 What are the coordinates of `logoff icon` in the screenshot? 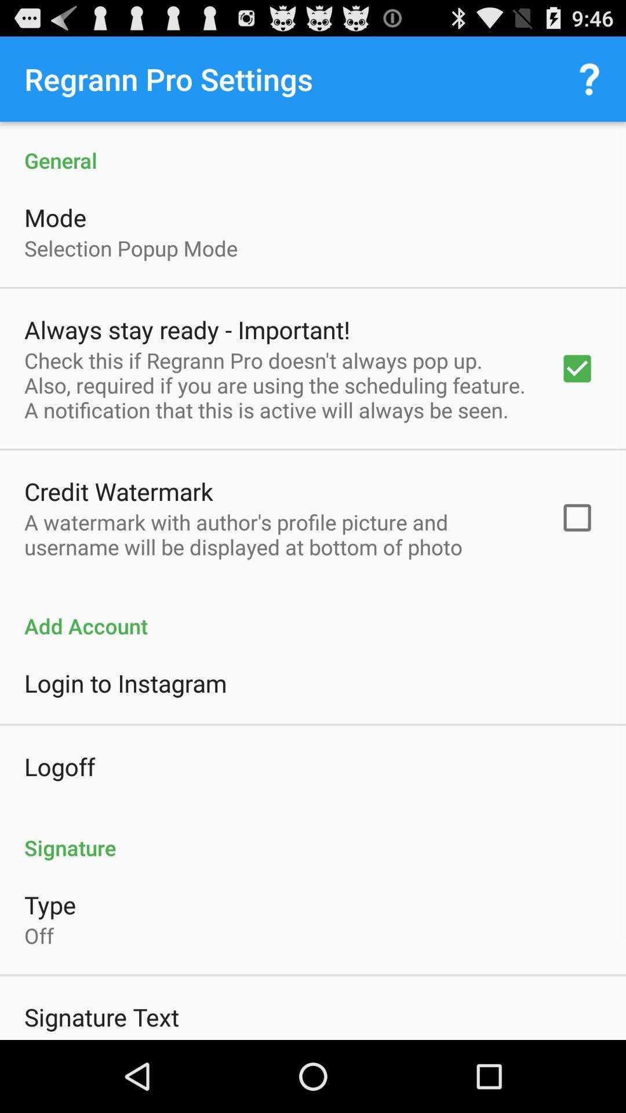 It's located at (60, 766).